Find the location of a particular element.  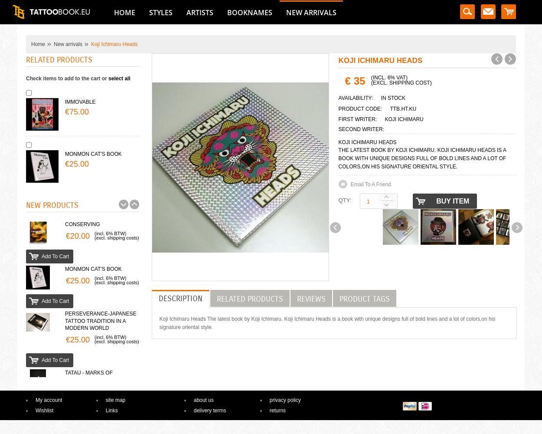

'PERSEVERANCE-Japanese Tattoo Tradition in a Modern World' is located at coordinates (65, 320).